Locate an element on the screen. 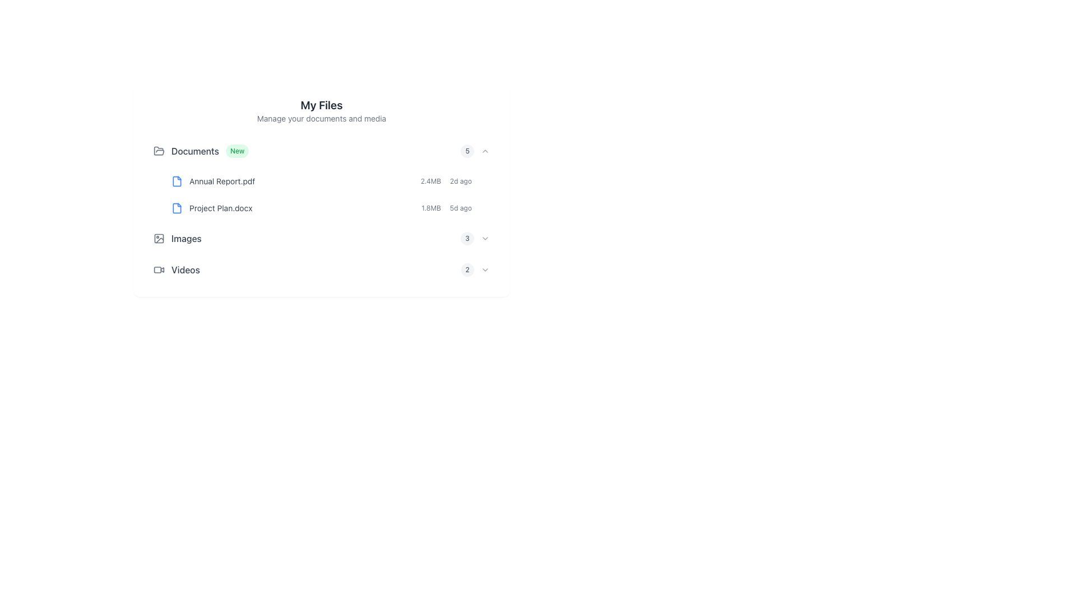  the displayed value of the badge or count indicator next to the 'Documents' section in the file list is located at coordinates (467, 238).